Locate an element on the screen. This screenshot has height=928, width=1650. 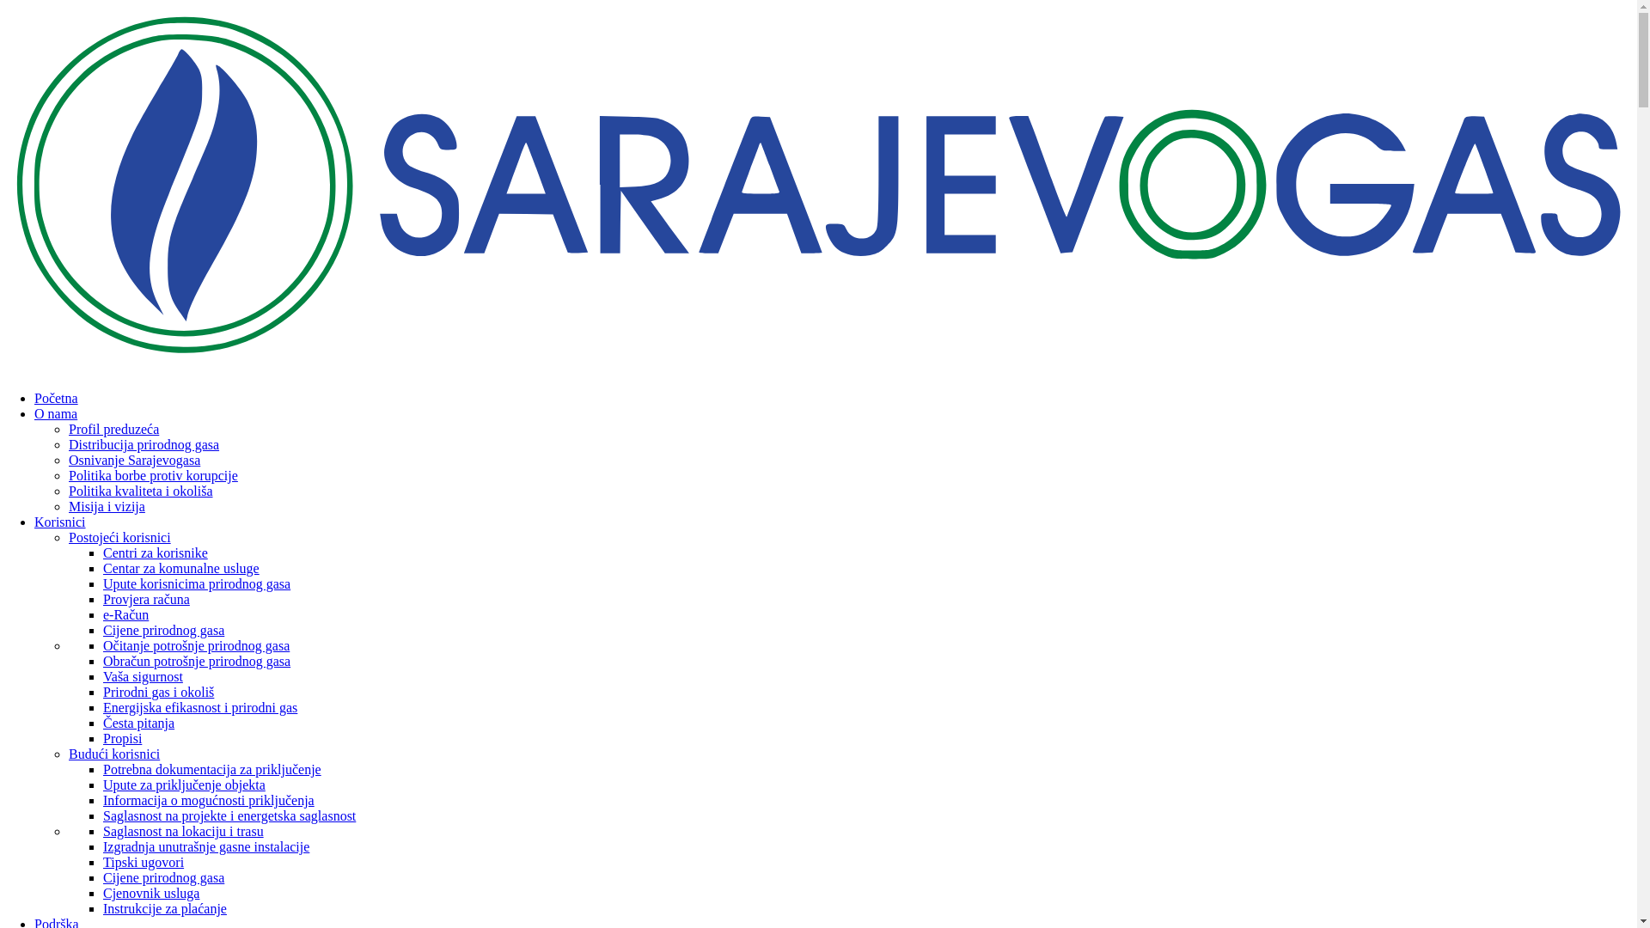
'Saglasnost na projekte i energetska saglasnost' is located at coordinates (229, 815).